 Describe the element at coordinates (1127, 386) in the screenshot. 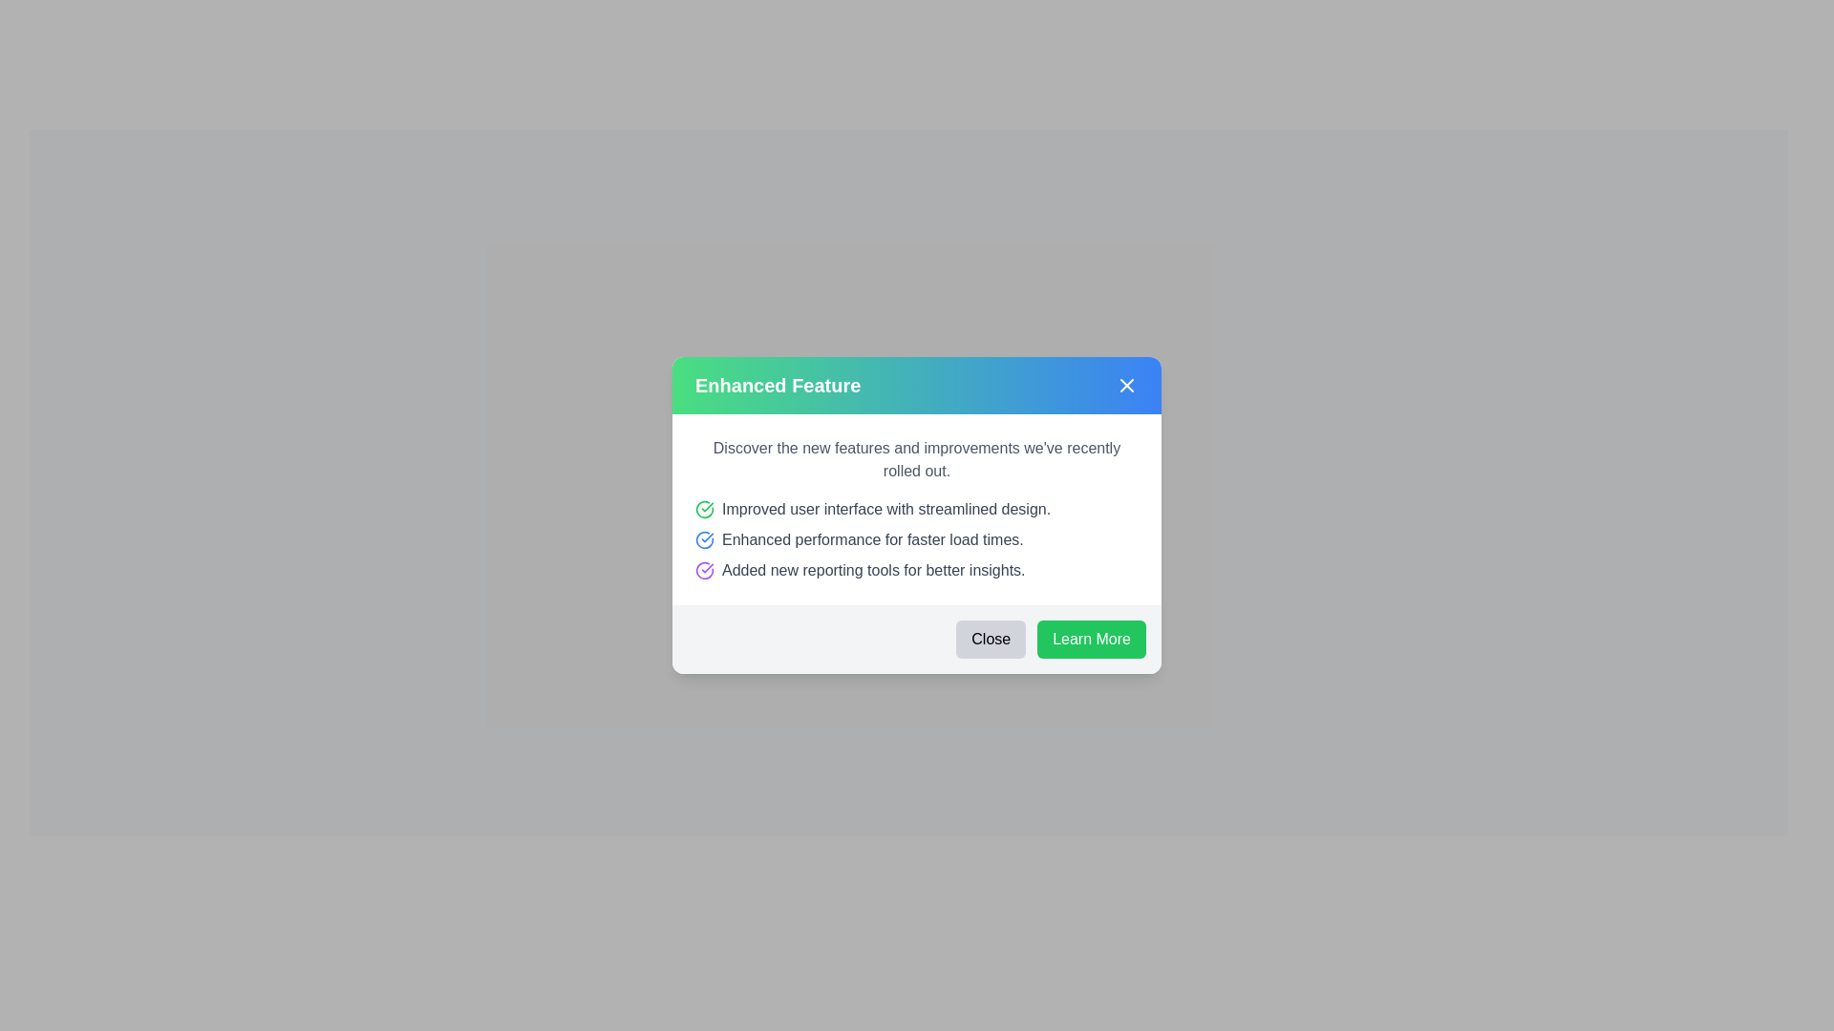

I see `the close button located in the top-right corner of the modal header titled 'Enhanced Feature' to observe the hover effect` at that location.